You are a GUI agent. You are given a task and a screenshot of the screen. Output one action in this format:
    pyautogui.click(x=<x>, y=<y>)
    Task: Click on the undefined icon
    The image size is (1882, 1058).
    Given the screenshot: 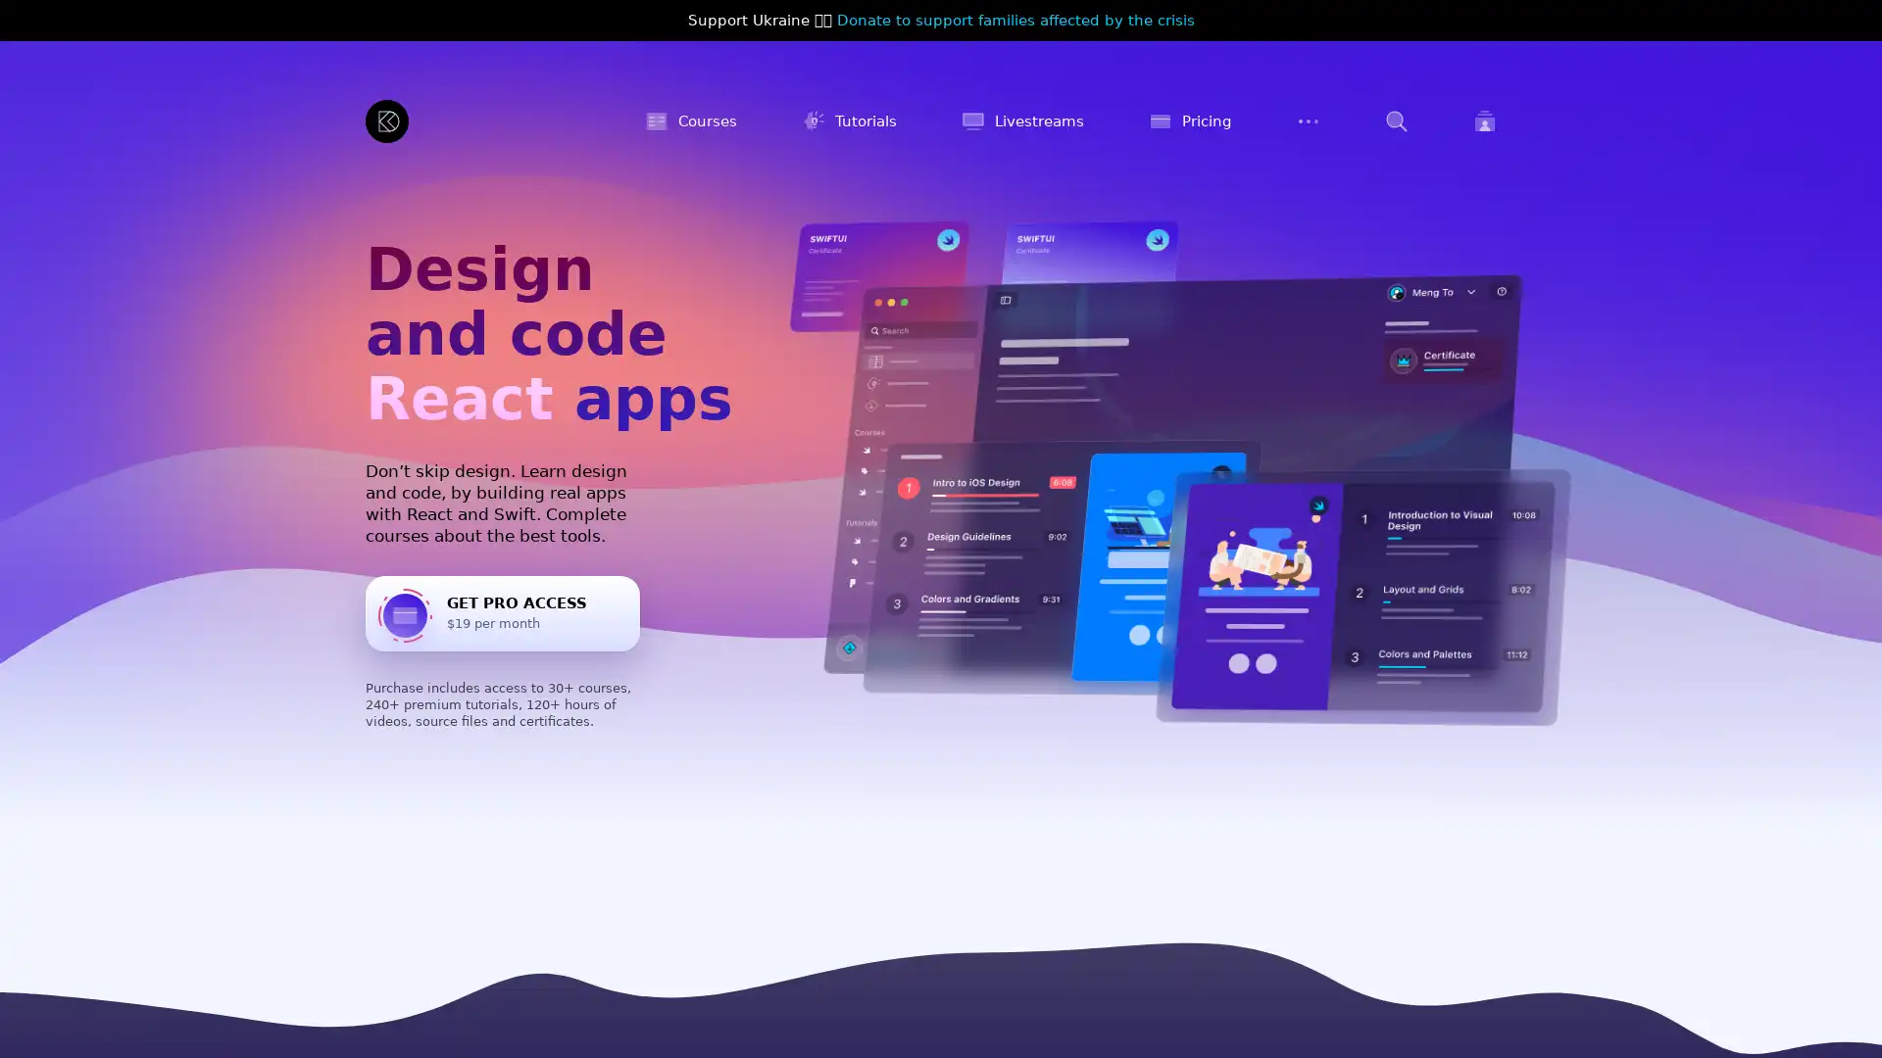 What is the action you would take?
    pyautogui.click(x=1396, y=120)
    